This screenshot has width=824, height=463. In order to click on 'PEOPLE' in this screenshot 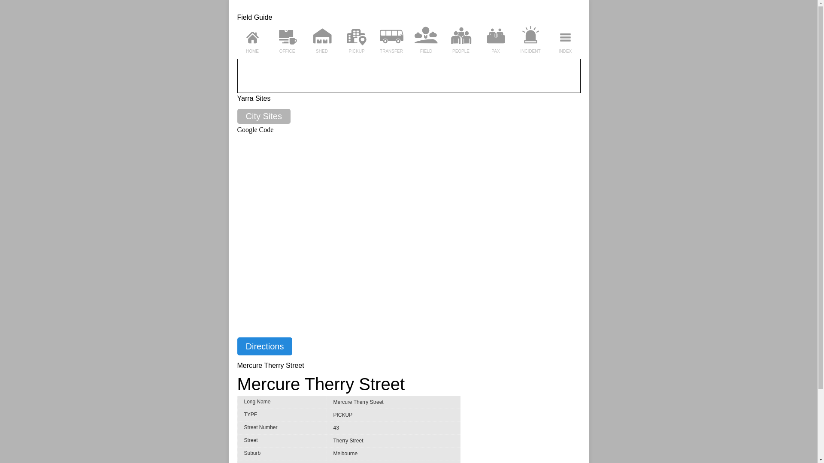, I will do `click(460, 51)`.